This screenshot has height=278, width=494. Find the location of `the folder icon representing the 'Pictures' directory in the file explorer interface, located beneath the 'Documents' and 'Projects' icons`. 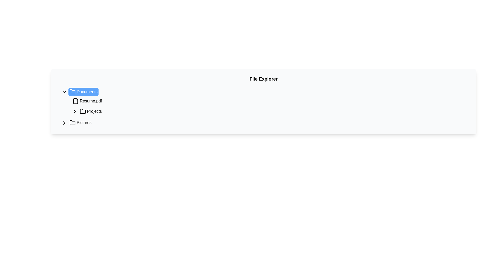

the folder icon representing the 'Pictures' directory in the file explorer interface, located beneath the 'Documents' and 'Projects' icons is located at coordinates (72, 123).